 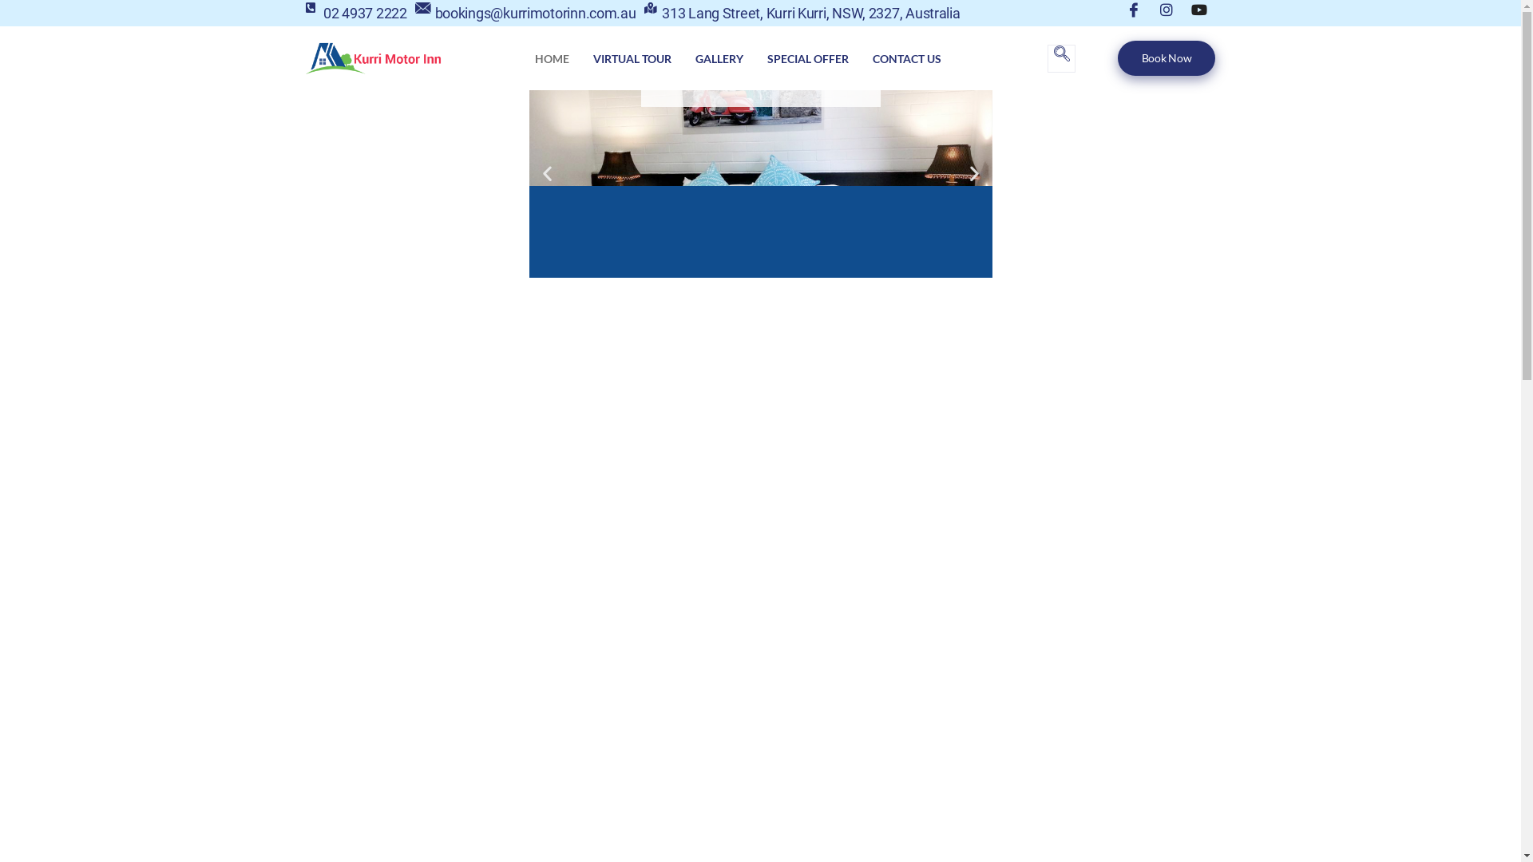 I want to click on 'SPECIAL OFFER', so click(x=808, y=57).